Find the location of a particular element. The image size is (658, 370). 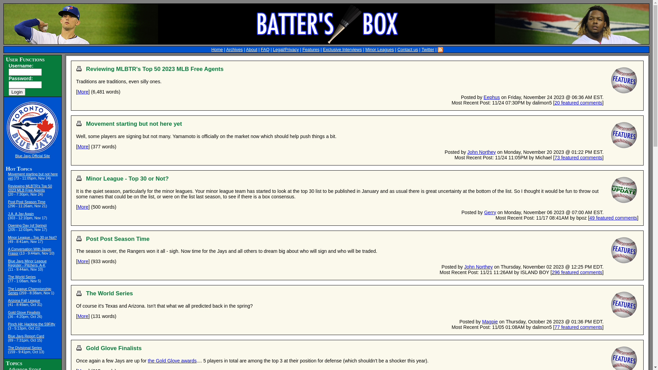

'Opening Day (of Spring)' is located at coordinates (27, 225).